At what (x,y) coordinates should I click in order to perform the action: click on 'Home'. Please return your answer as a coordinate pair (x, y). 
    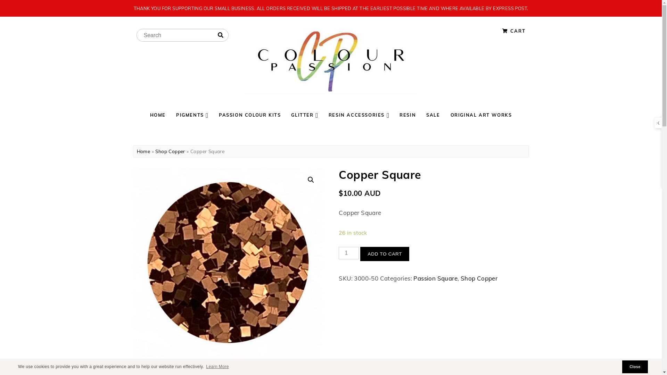
    Looking at the image, I should click on (143, 151).